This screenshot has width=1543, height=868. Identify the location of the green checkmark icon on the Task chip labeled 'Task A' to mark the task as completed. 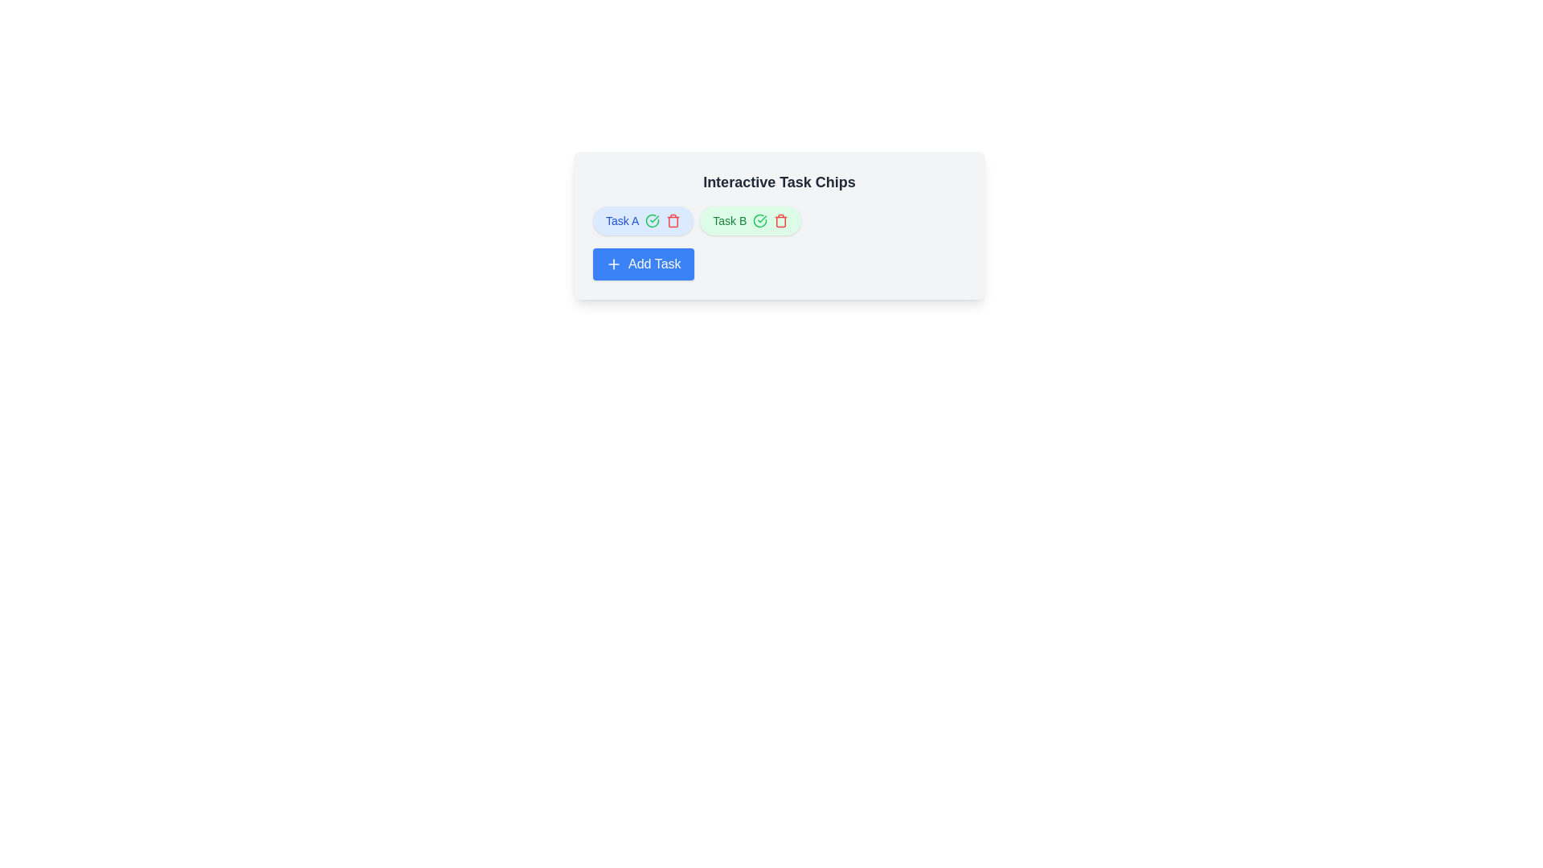
(643, 220).